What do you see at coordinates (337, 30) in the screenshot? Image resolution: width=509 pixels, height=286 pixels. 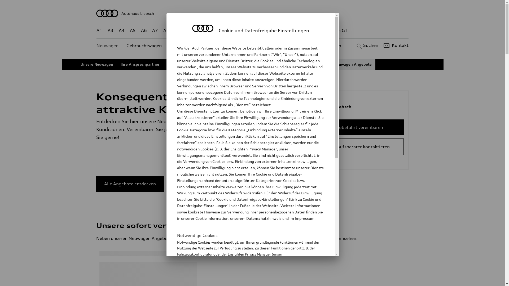 I see `'e-tron GT'` at bounding box center [337, 30].